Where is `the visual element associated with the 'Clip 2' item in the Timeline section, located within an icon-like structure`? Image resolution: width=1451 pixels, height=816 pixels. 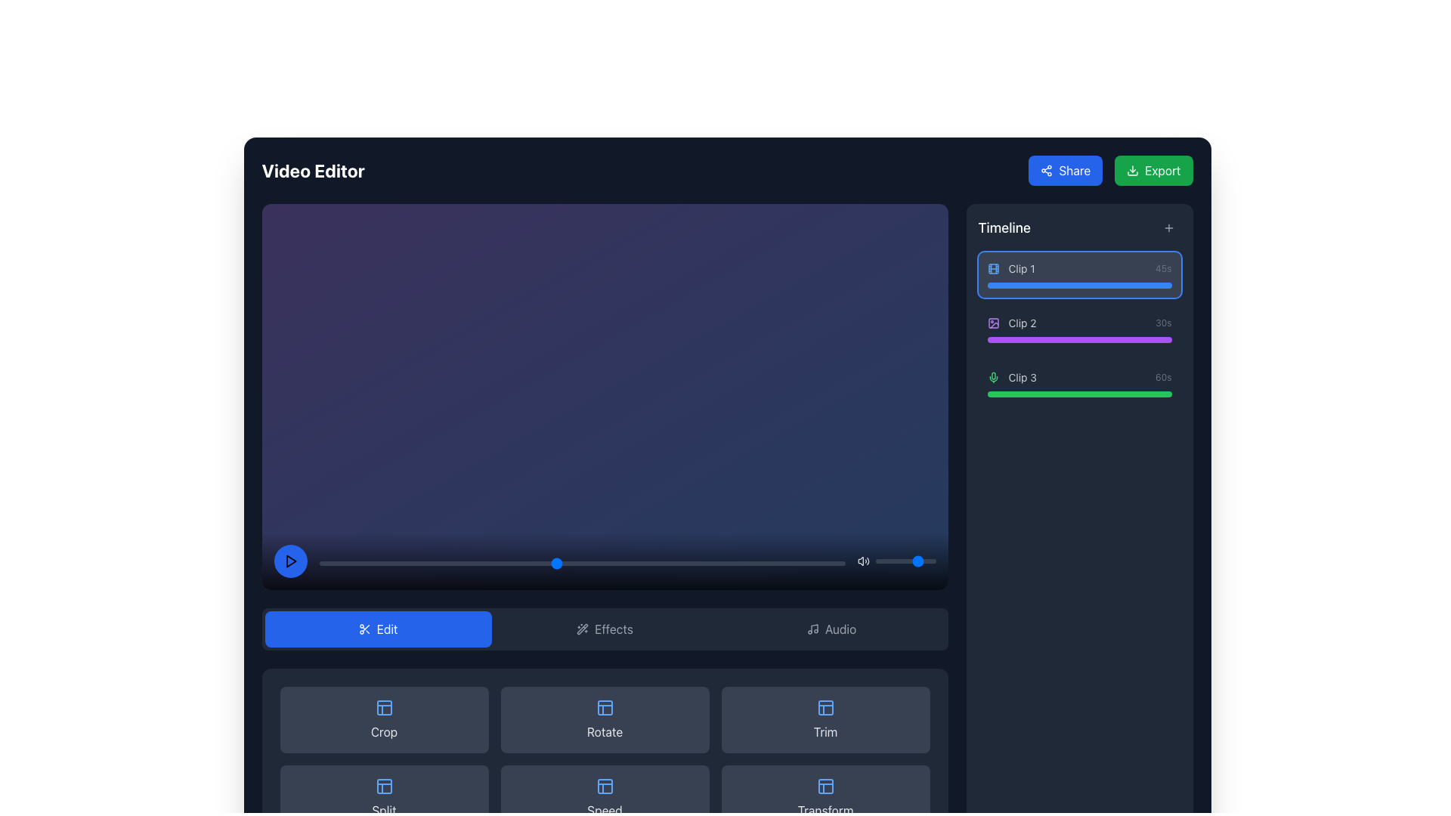
the visual element associated with the 'Clip 2' item in the Timeline section, located within an icon-like structure is located at coordinates (993, 323).